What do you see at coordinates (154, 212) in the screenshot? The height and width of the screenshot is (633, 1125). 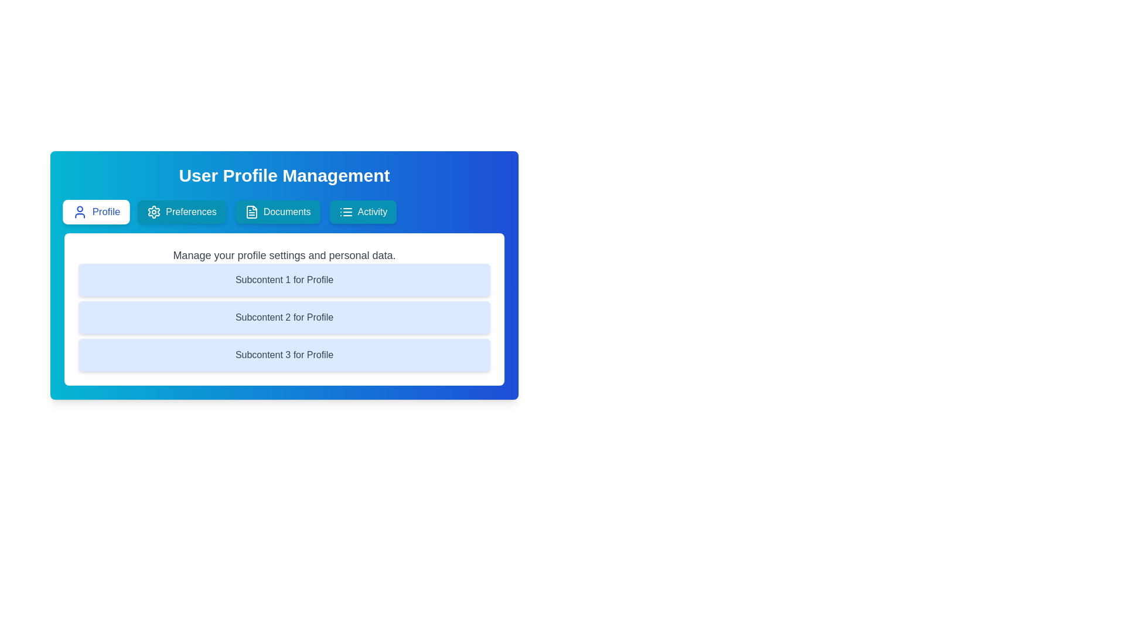 I see `the 'Preferences' button, which contains the icon serving as a visual aid for navigating to user preferences or settings` at bounding box center [154, 212].